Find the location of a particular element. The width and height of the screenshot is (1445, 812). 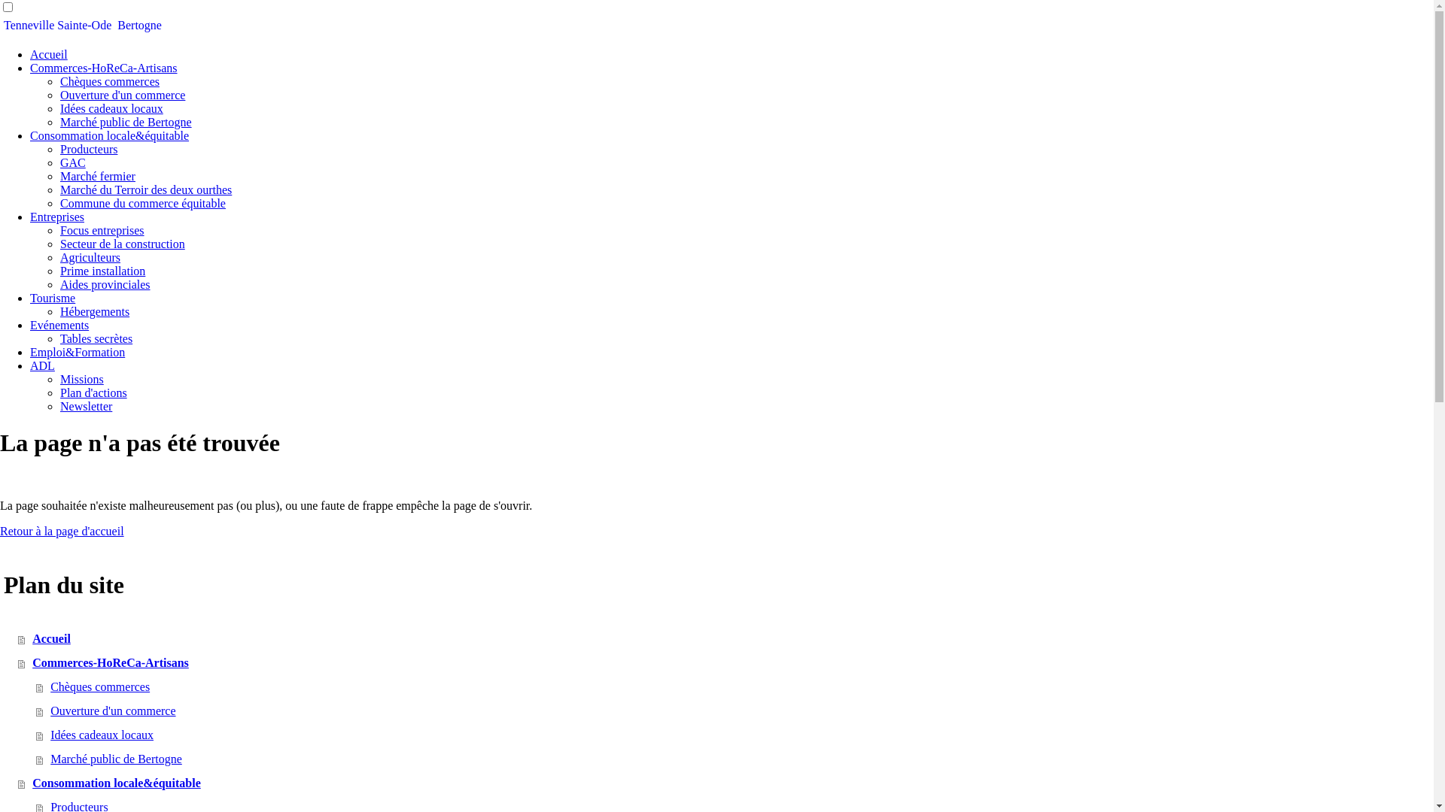

'Emploi&Formation' is located at coordinates (76, 352).